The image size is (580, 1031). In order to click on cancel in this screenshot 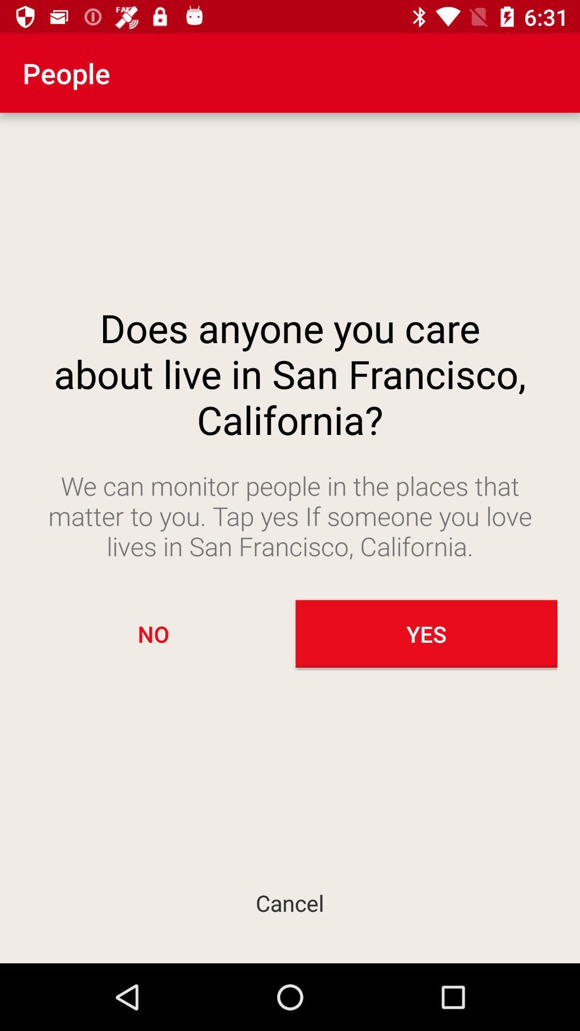, I will do `click(290, 902)`.